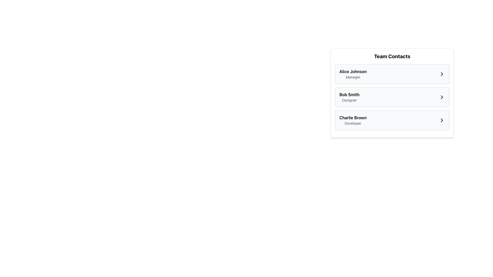 The width and height of the screenshot is (493, 277). What do you see at coordinates (353, 77) in the screenshot?
I see `the text label displaying the designation 'Manager' for the individual named Alice Johnson, located in the top-left card of the 'Team Contacts' list` at bounding box center [353, 77].